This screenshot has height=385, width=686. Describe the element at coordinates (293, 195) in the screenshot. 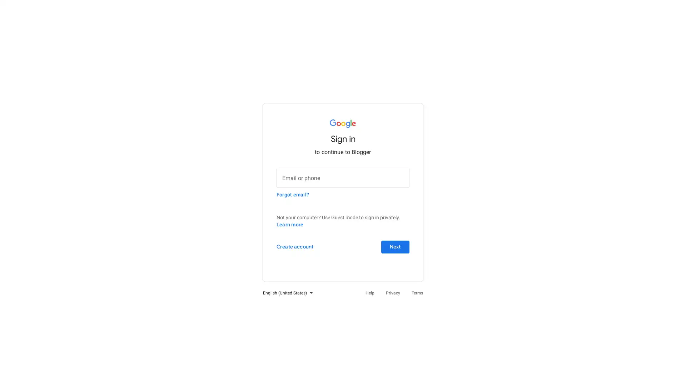

I see `Forgot email?` at that location.